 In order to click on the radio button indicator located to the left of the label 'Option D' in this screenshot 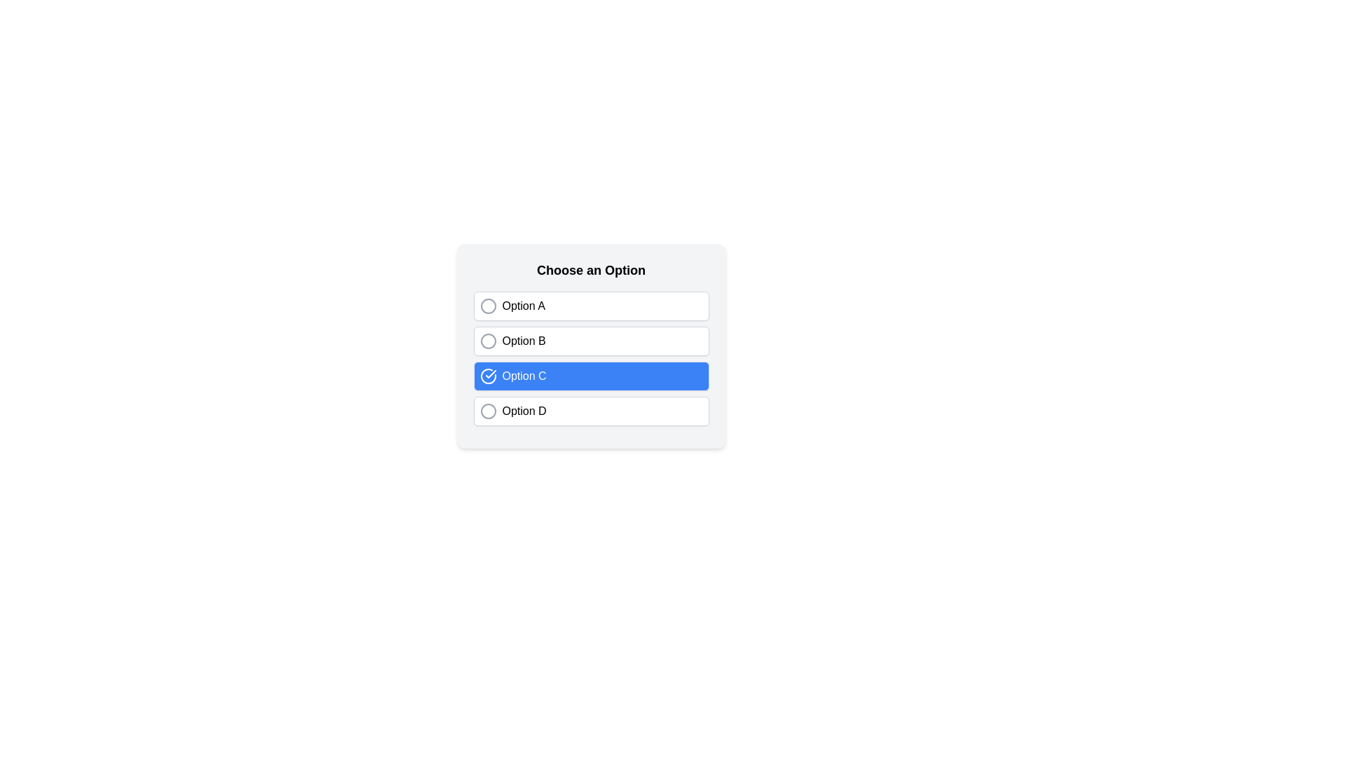, I will do `click(488, 410)`.